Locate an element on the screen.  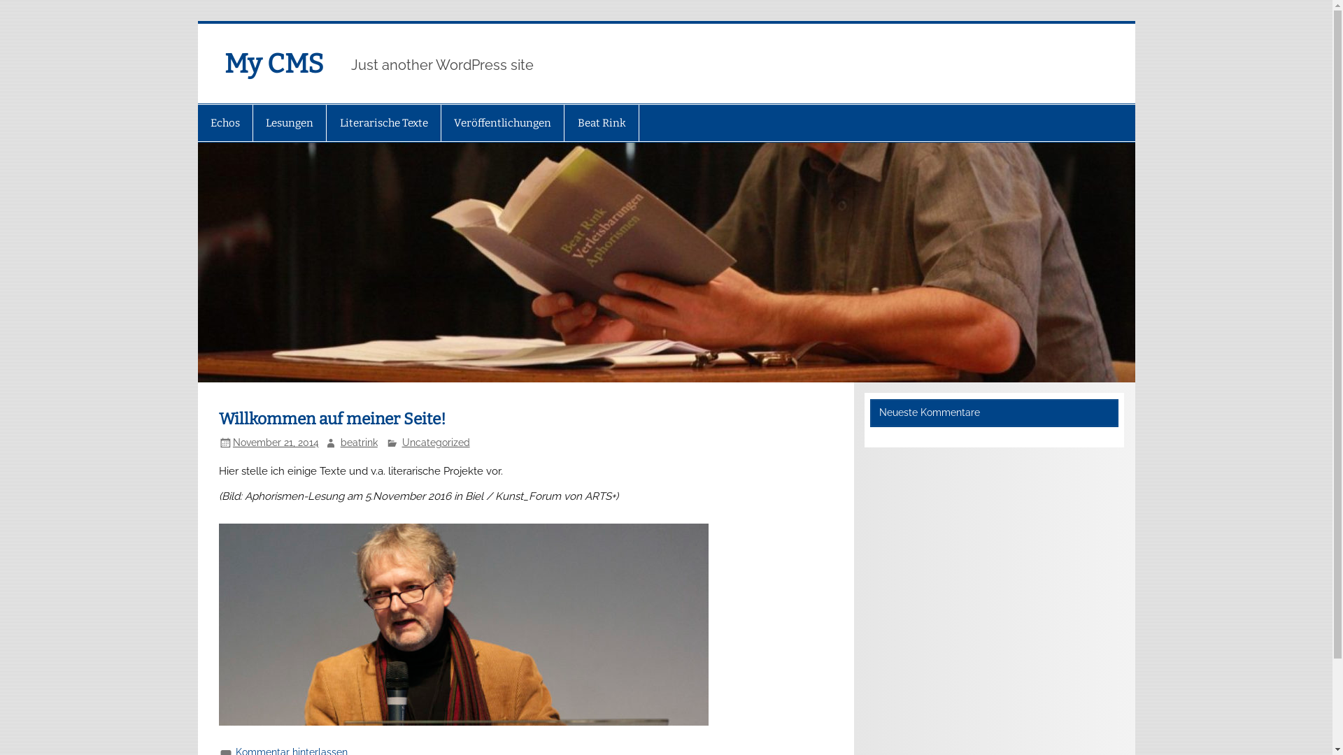
'beatrink' is located at coordinates (359, 442).